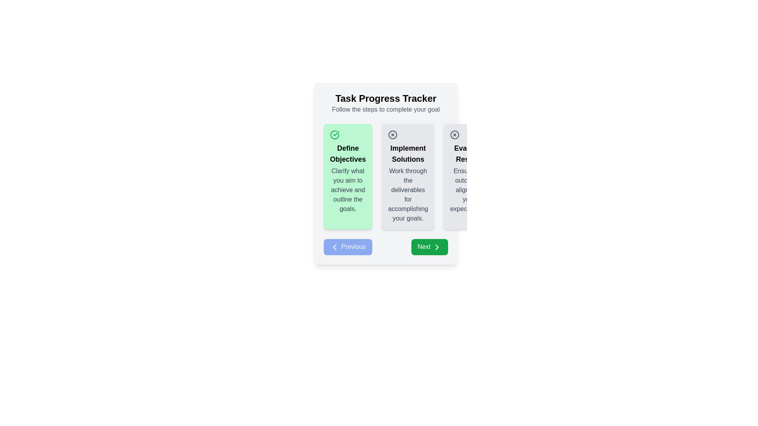 The height and width of the screenshot is (426, 758). I want to click on bold text 'Define Objectives' that is centrally located on the green card component in the upper section of the interface, so click(347, 153).